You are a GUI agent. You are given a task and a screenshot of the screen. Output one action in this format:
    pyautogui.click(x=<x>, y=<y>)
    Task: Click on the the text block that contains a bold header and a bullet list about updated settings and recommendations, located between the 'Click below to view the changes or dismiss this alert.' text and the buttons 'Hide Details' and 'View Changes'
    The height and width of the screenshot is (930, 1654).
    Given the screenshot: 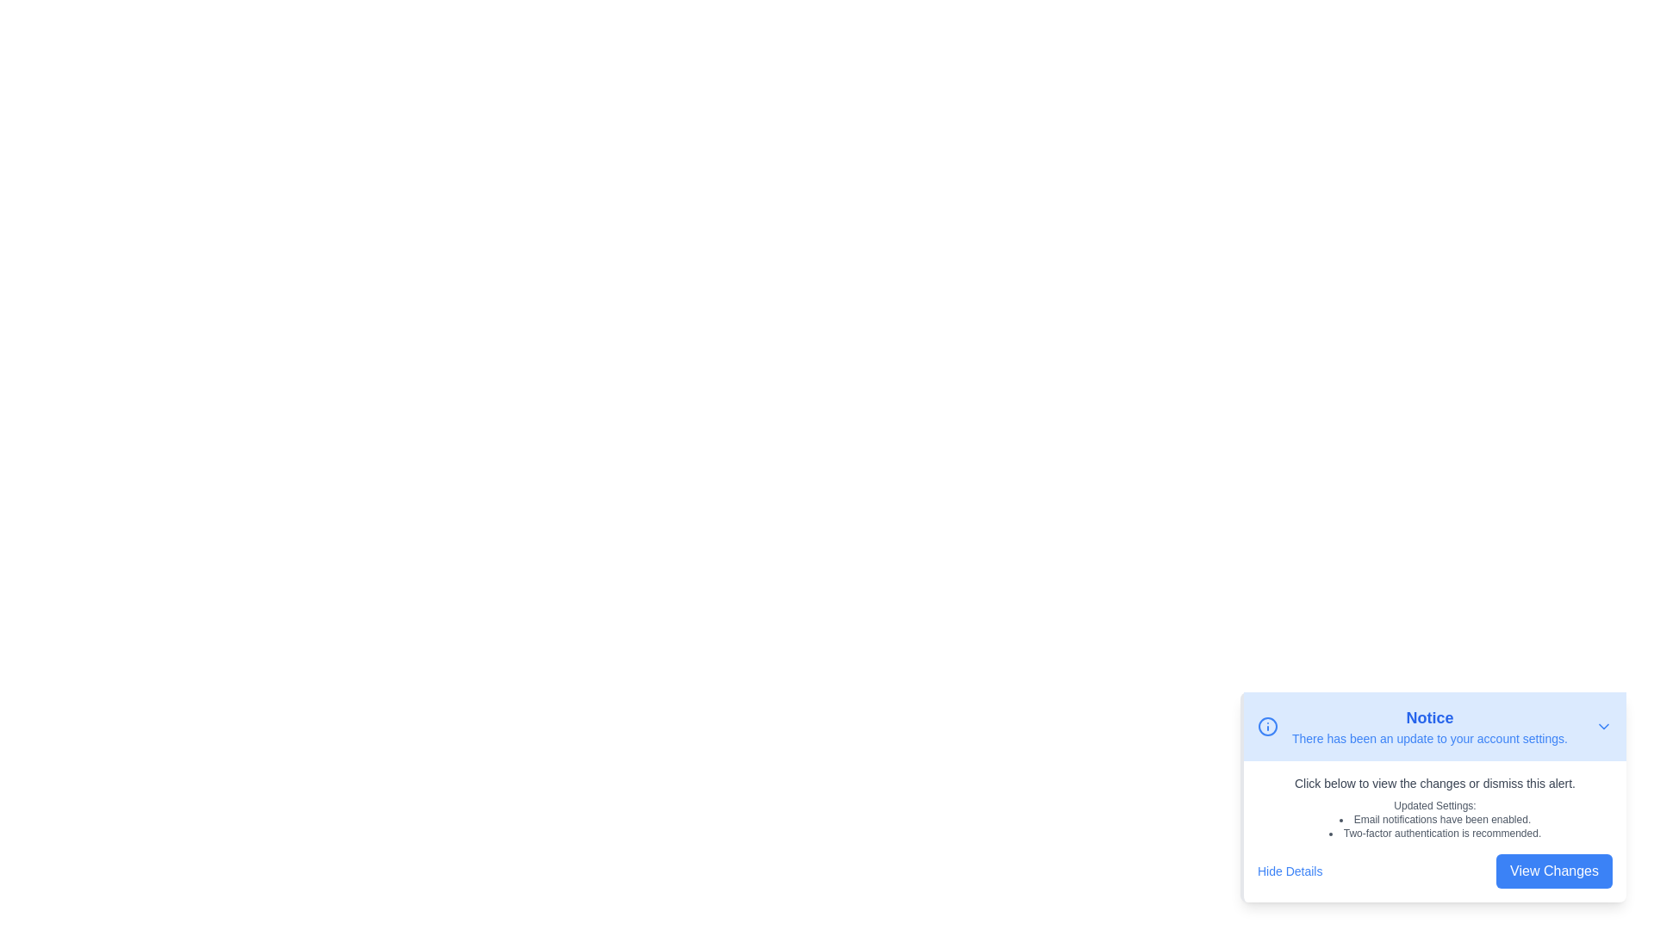 What is the action you would take?
    pyautogui.click(x=1434, y=819)
    